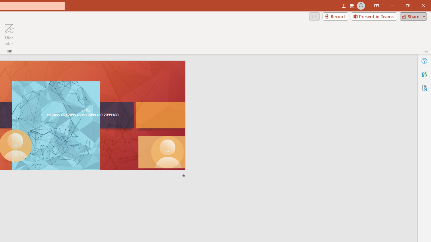 This screenshot has height=242, width=431. I want to click on 'Collapse the Ribbon', so click(426, 51).